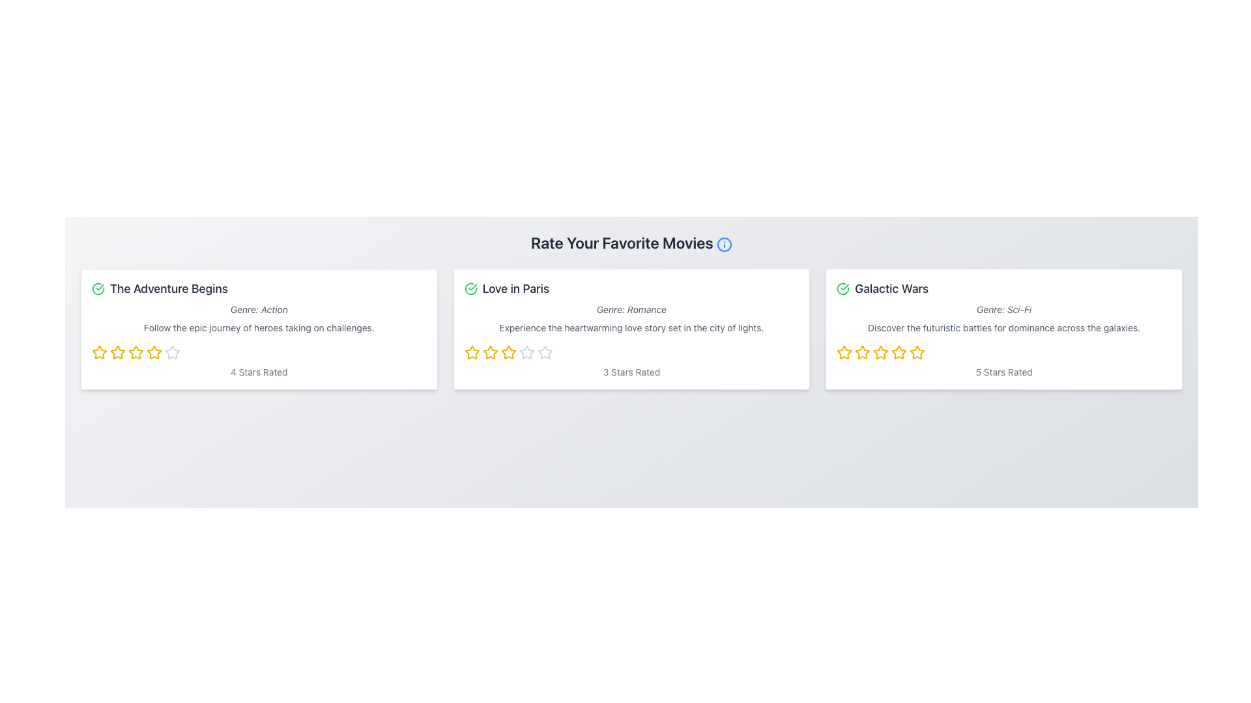 This screenshot has width=1251, height=703. What do you see at coordinates (1003, 372) in the screenshot?
I see `the text label displaying '5 Stars Rated' located at the lower part of the 'Galactic Wars' card section, below the yellow stars representing ratings` at bounding box center [1003, 372].